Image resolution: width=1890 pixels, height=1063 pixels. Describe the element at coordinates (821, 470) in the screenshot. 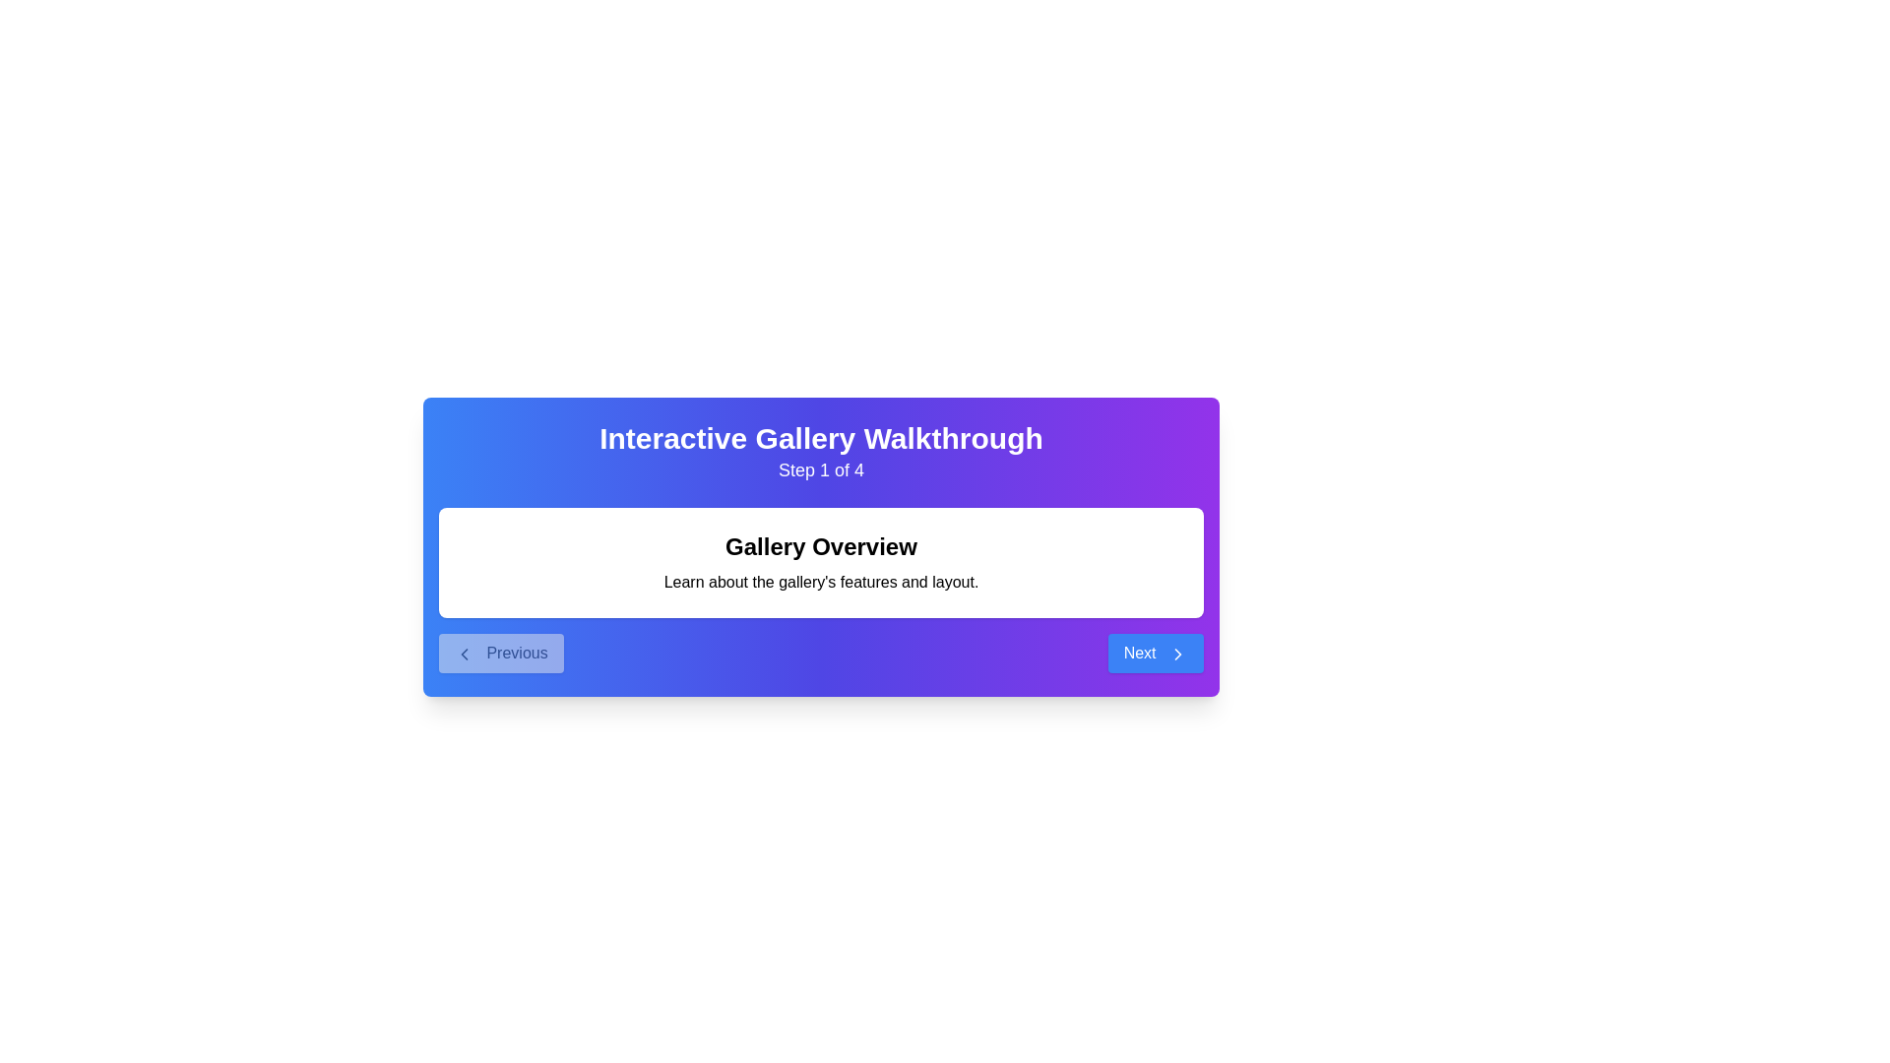

I see `text content of the Text Label displaying 'Step 1 of 4', which is positioned below the main heading 'Interactive Gallery Walkthrough'` at that location.